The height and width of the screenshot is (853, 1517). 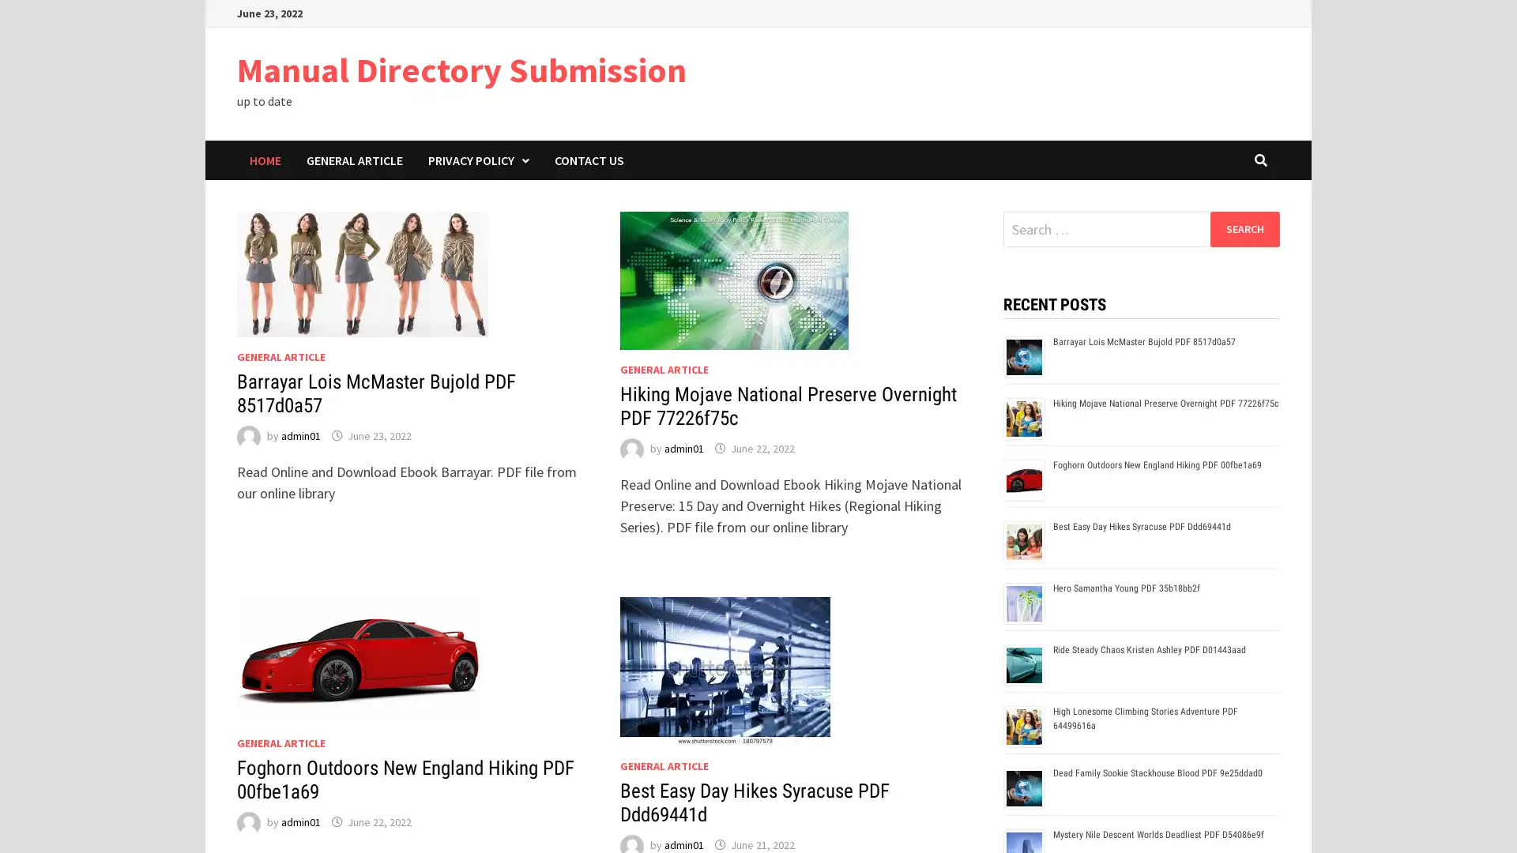 What do you see at coordinates (1244, 228) in the screenshot?
I see `Search` at bounding box center [1244, 228].